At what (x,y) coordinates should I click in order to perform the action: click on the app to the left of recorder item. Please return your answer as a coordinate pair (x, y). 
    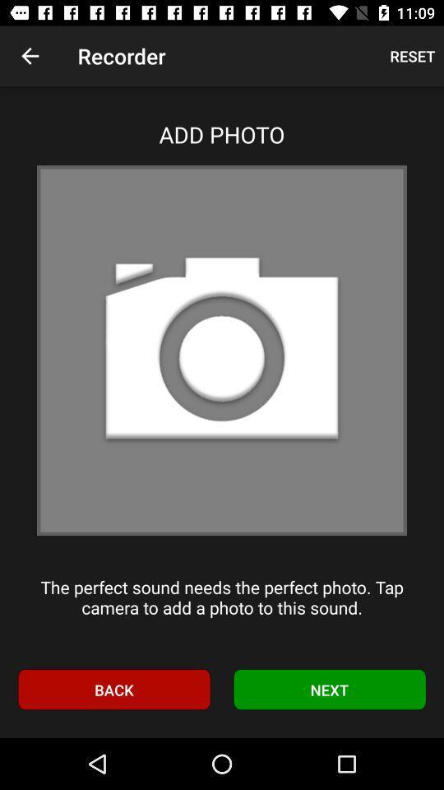
    Looking at the image, I should click on (30, 56).